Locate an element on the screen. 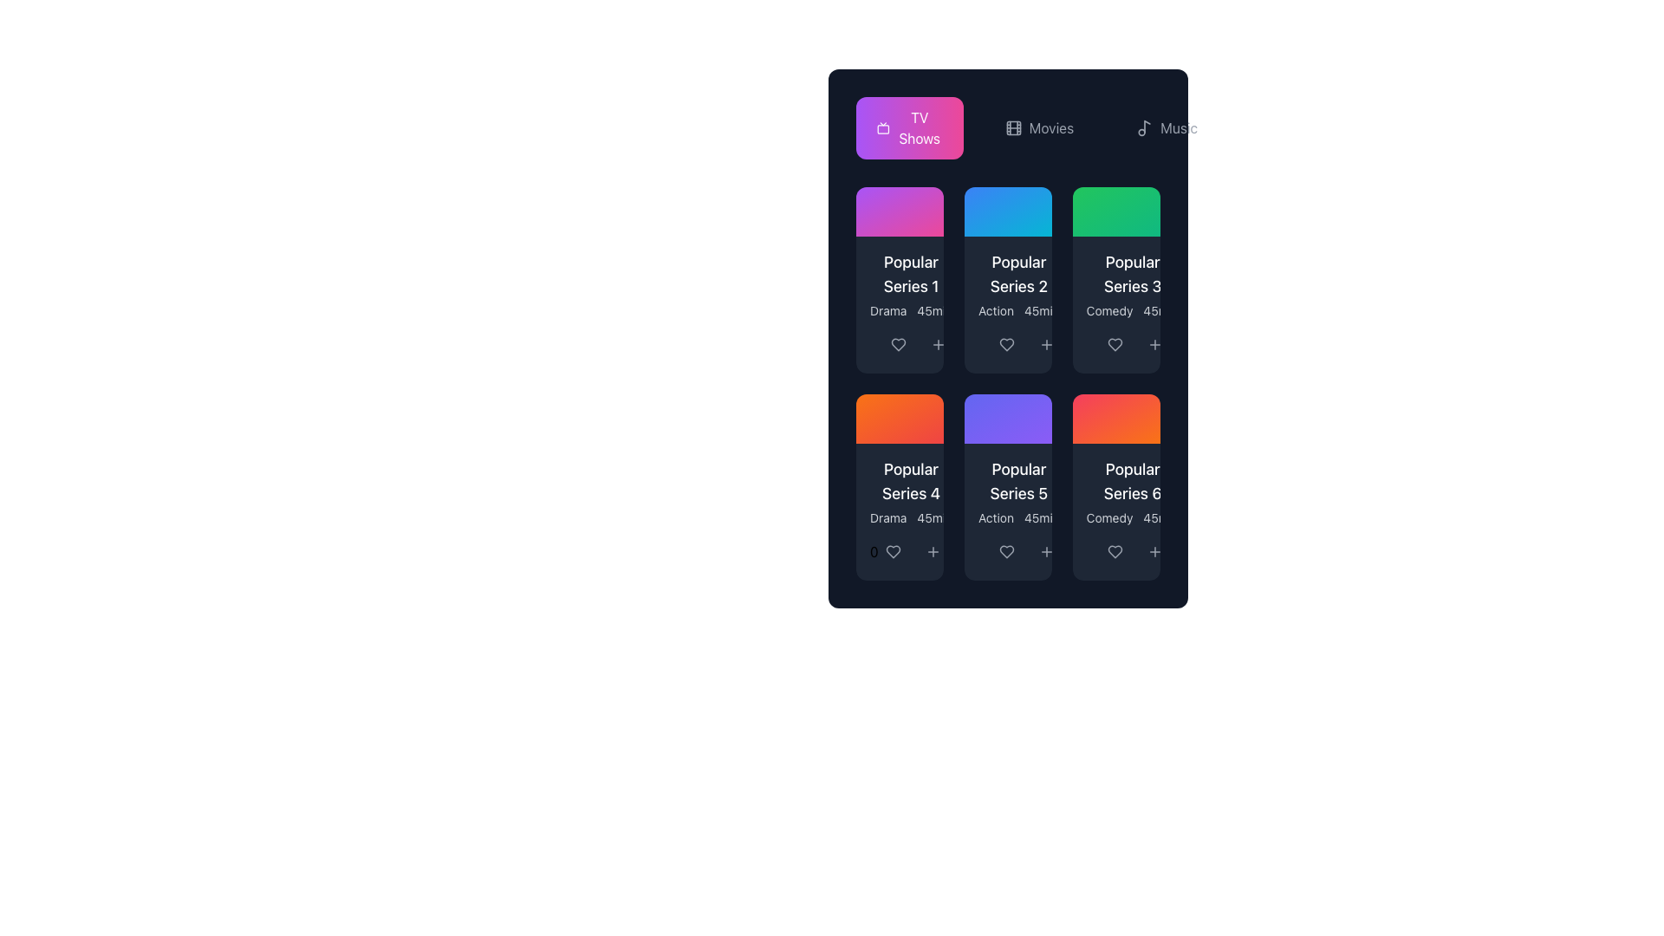  the title text 'Popular Series 3' displayed in a large, bold font within the third card of the first row is located at coordinates (1133, 273).